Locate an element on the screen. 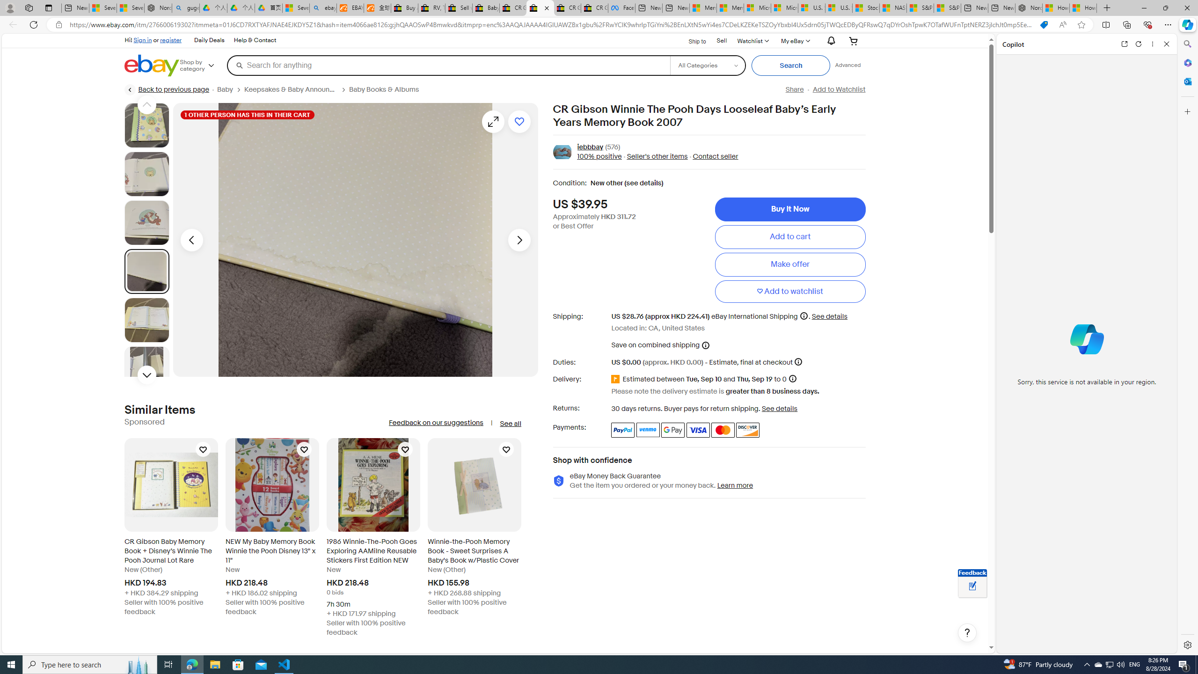  'Add to cart' is located at coordinates (789, 236).